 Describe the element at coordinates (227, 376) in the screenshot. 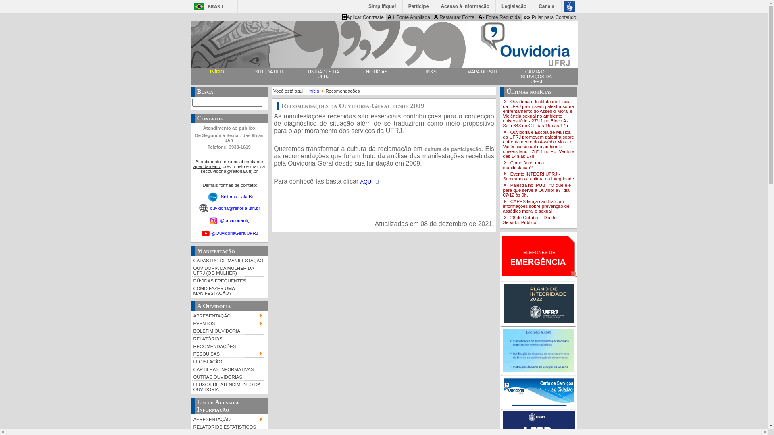

I see `'OUTRAS OUVIDORIAS'` at that location.